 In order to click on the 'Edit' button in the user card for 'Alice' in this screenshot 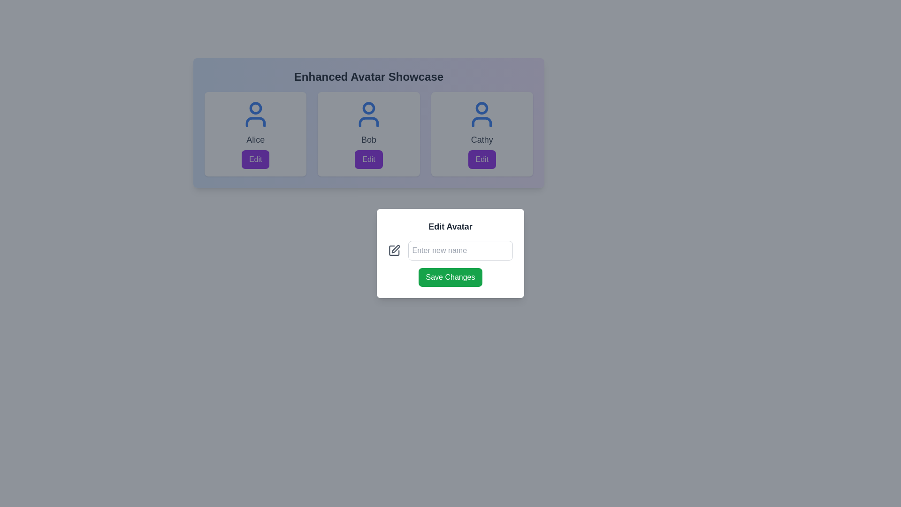, I will do `click(255, 159)`.